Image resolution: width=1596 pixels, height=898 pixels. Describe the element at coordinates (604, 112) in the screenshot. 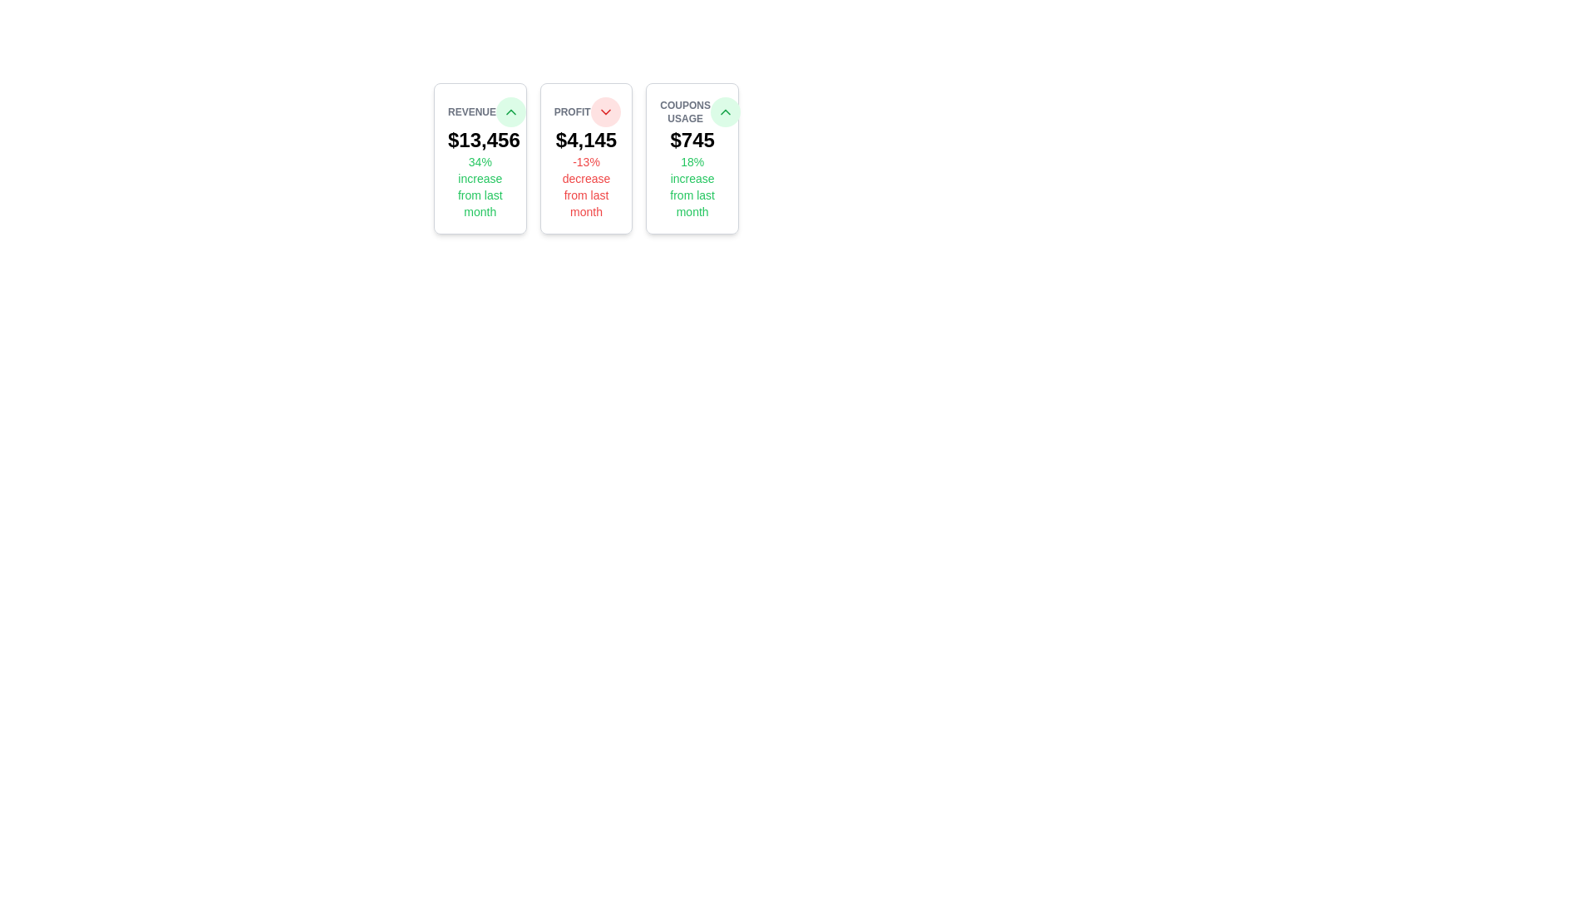

I see `the Dropdown indicator located at the top-right of the card labeled 'PROFIT $4,145 -13% decrease from last month'` at that location.